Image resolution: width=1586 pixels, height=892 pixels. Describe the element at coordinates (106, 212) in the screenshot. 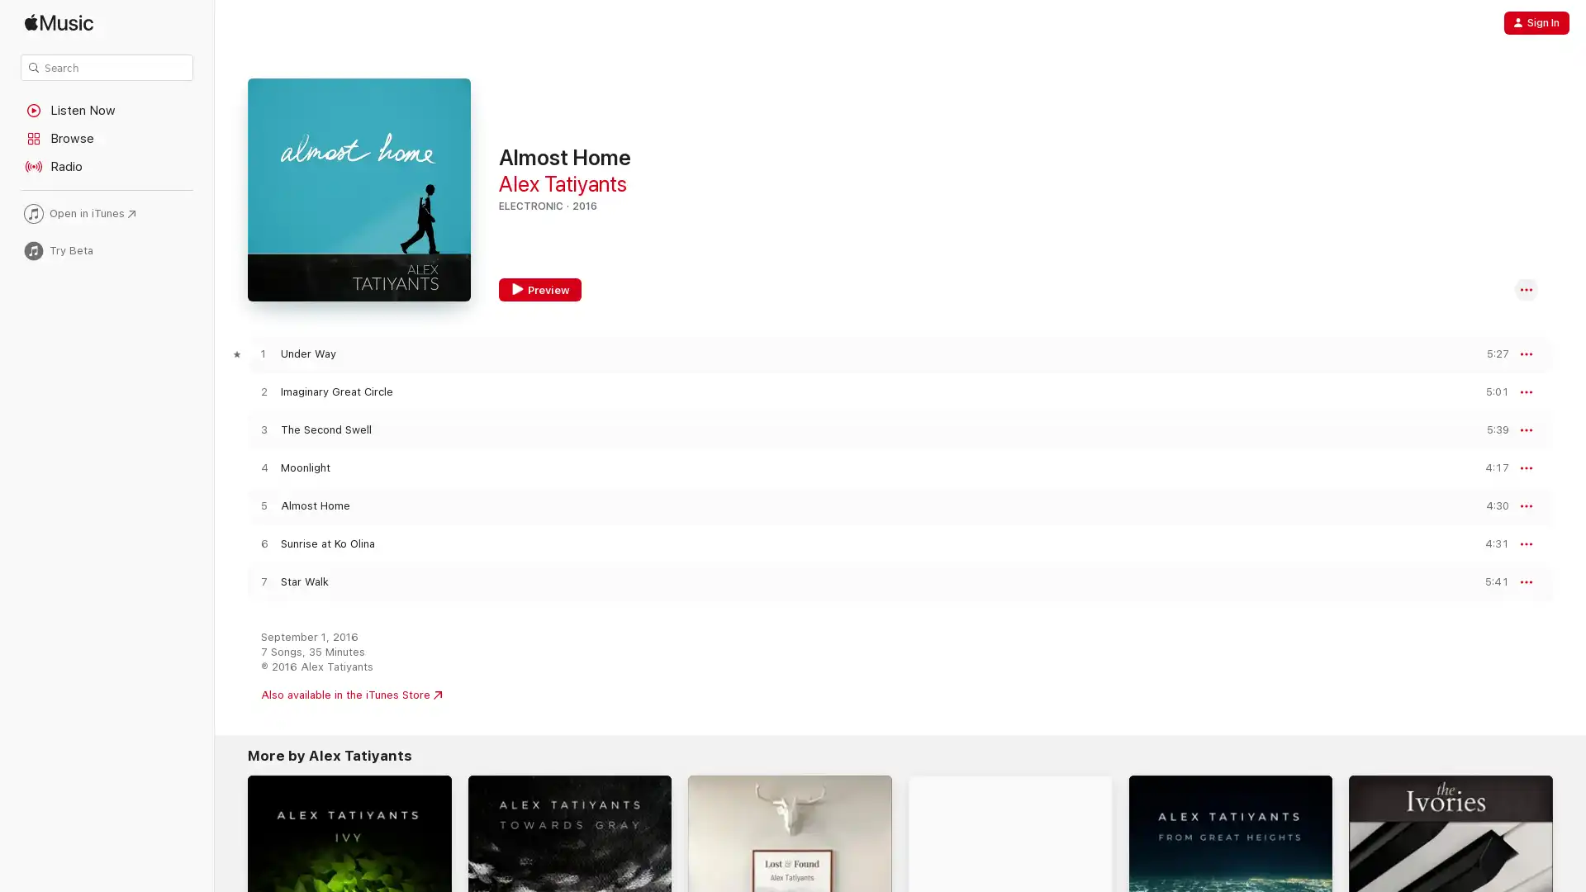

I see `Open in iTunes` at that location.